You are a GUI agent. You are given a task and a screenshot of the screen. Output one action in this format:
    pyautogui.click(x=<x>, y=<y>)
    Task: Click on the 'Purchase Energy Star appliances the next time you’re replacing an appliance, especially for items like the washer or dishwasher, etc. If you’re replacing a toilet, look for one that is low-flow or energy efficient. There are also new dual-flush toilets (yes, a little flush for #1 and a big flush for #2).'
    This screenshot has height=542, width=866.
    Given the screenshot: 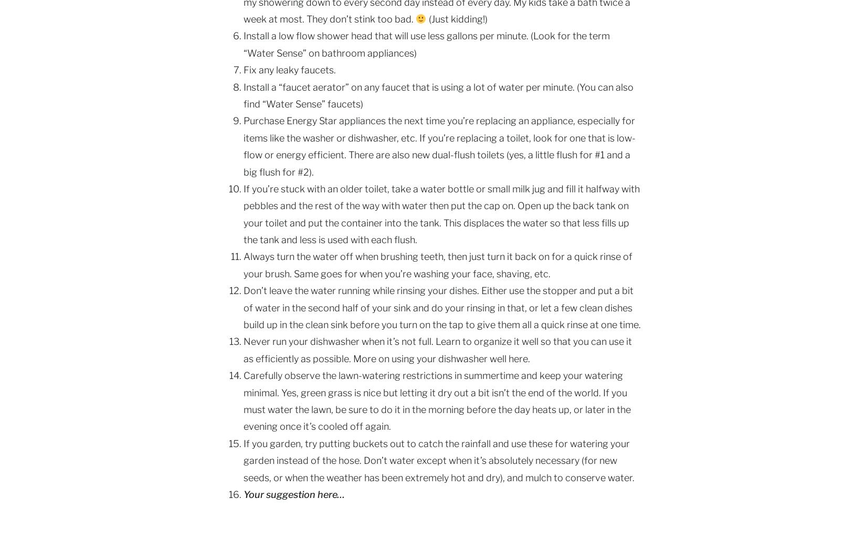 What is the action you would take?
    pyautogui.click(x=439, y=145)
    